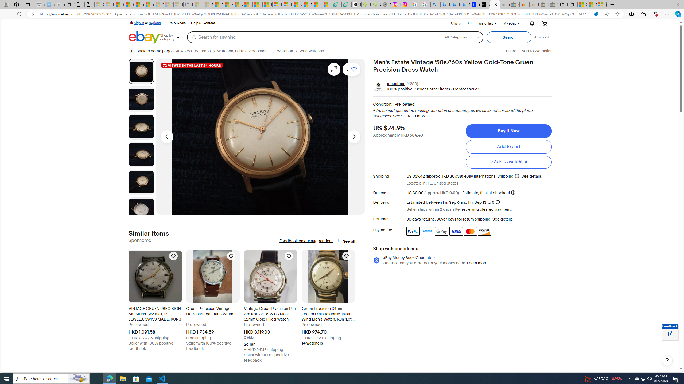  What do you see at coordinates (469, 23) in the screenshot?
I see `'Sell'` at bounding box center [469, 23].